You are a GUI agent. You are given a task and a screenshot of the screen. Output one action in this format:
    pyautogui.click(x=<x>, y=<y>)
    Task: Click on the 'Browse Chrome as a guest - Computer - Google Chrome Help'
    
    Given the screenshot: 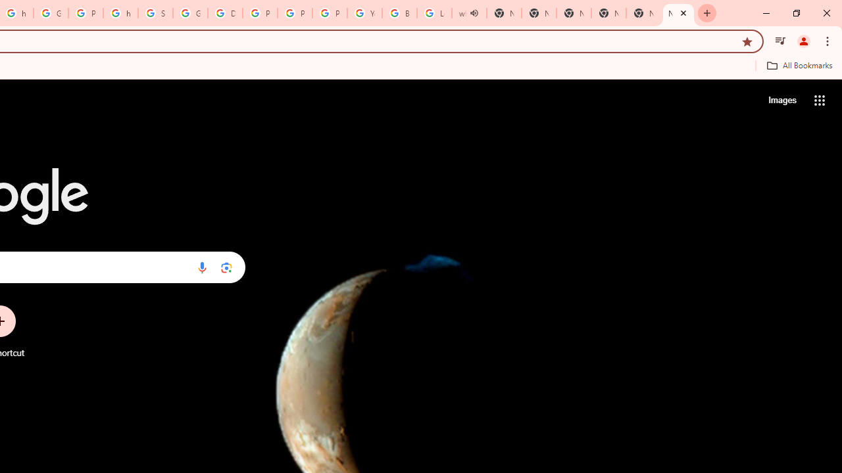 What is the action you would take?
    pyautogui.click(x=399, y=13)
    